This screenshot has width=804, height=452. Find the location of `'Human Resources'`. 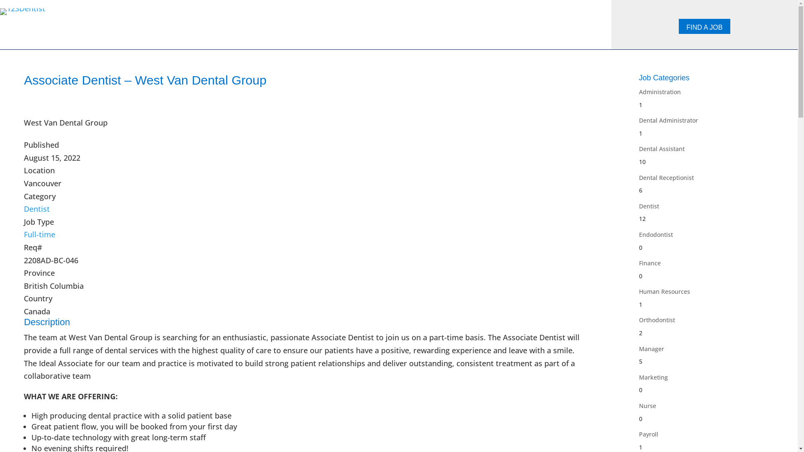

'Human Resources' is located at coordinates (664, 291).